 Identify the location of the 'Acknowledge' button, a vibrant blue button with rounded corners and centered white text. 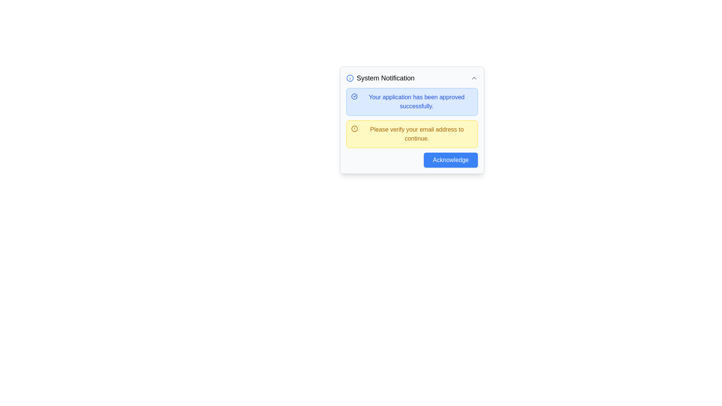
(450, 159).